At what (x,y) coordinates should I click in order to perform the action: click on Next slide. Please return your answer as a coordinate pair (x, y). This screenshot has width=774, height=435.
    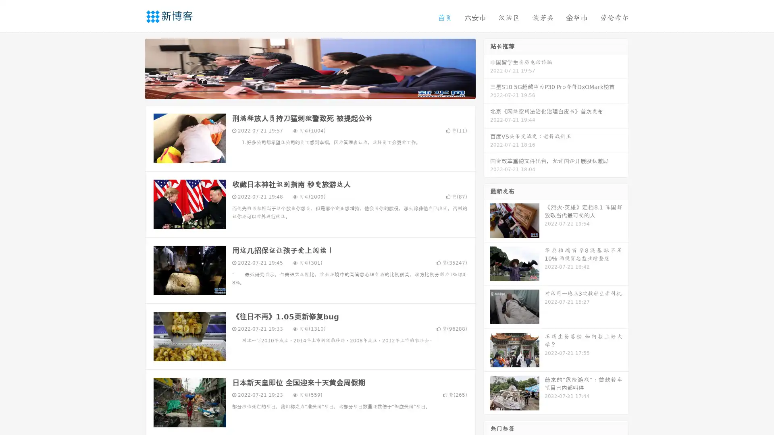
    Looking at the image, I should click on (487, 68).